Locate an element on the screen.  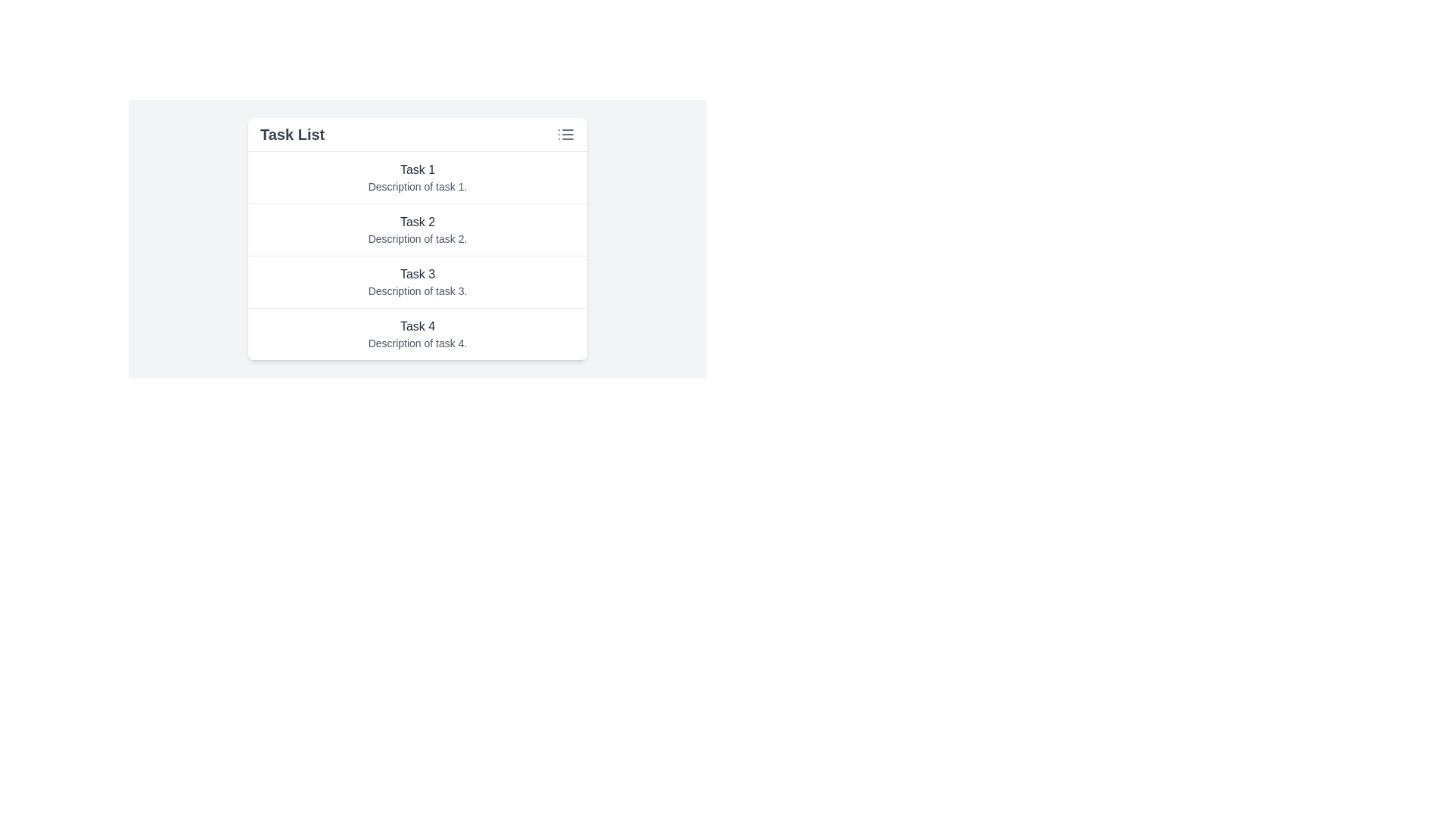
the list item titled 'Task 3' that contains the description 'Description of task 3.' located in the task list is located at coordinates (418, 282).